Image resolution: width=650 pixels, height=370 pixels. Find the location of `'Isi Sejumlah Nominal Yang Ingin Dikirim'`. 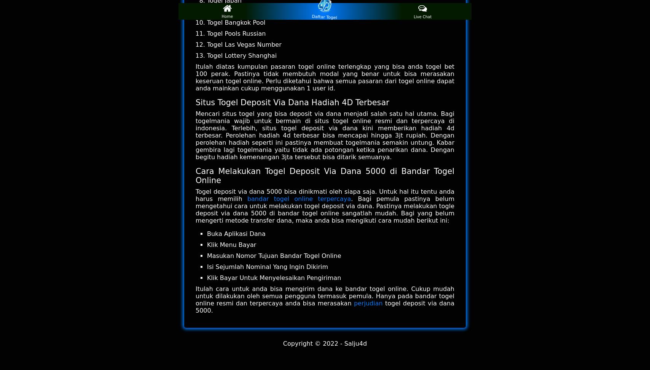

'Isi Sejumlah Nominal Yang Ingin Dikirim' is located at coordinates (268, 267).